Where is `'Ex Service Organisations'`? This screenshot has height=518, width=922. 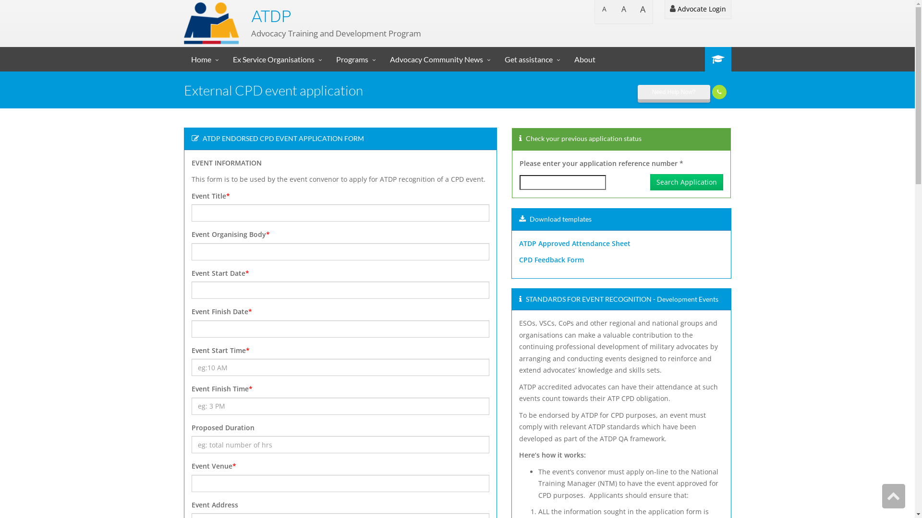
'Ex Service Organisations' is located at coordinates (277, 59).